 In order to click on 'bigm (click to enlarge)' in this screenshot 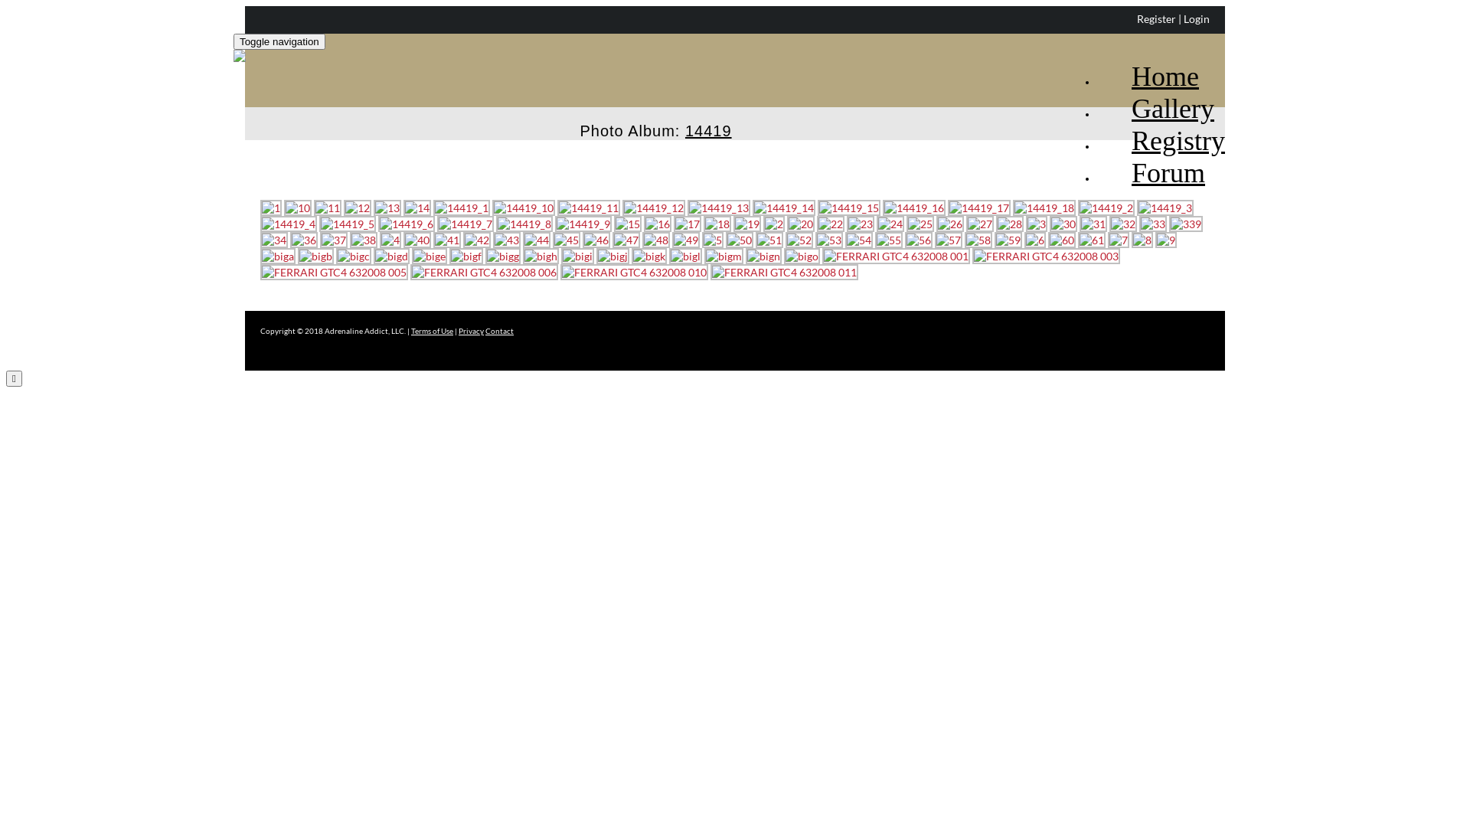, I will do `click(723, 255)`.